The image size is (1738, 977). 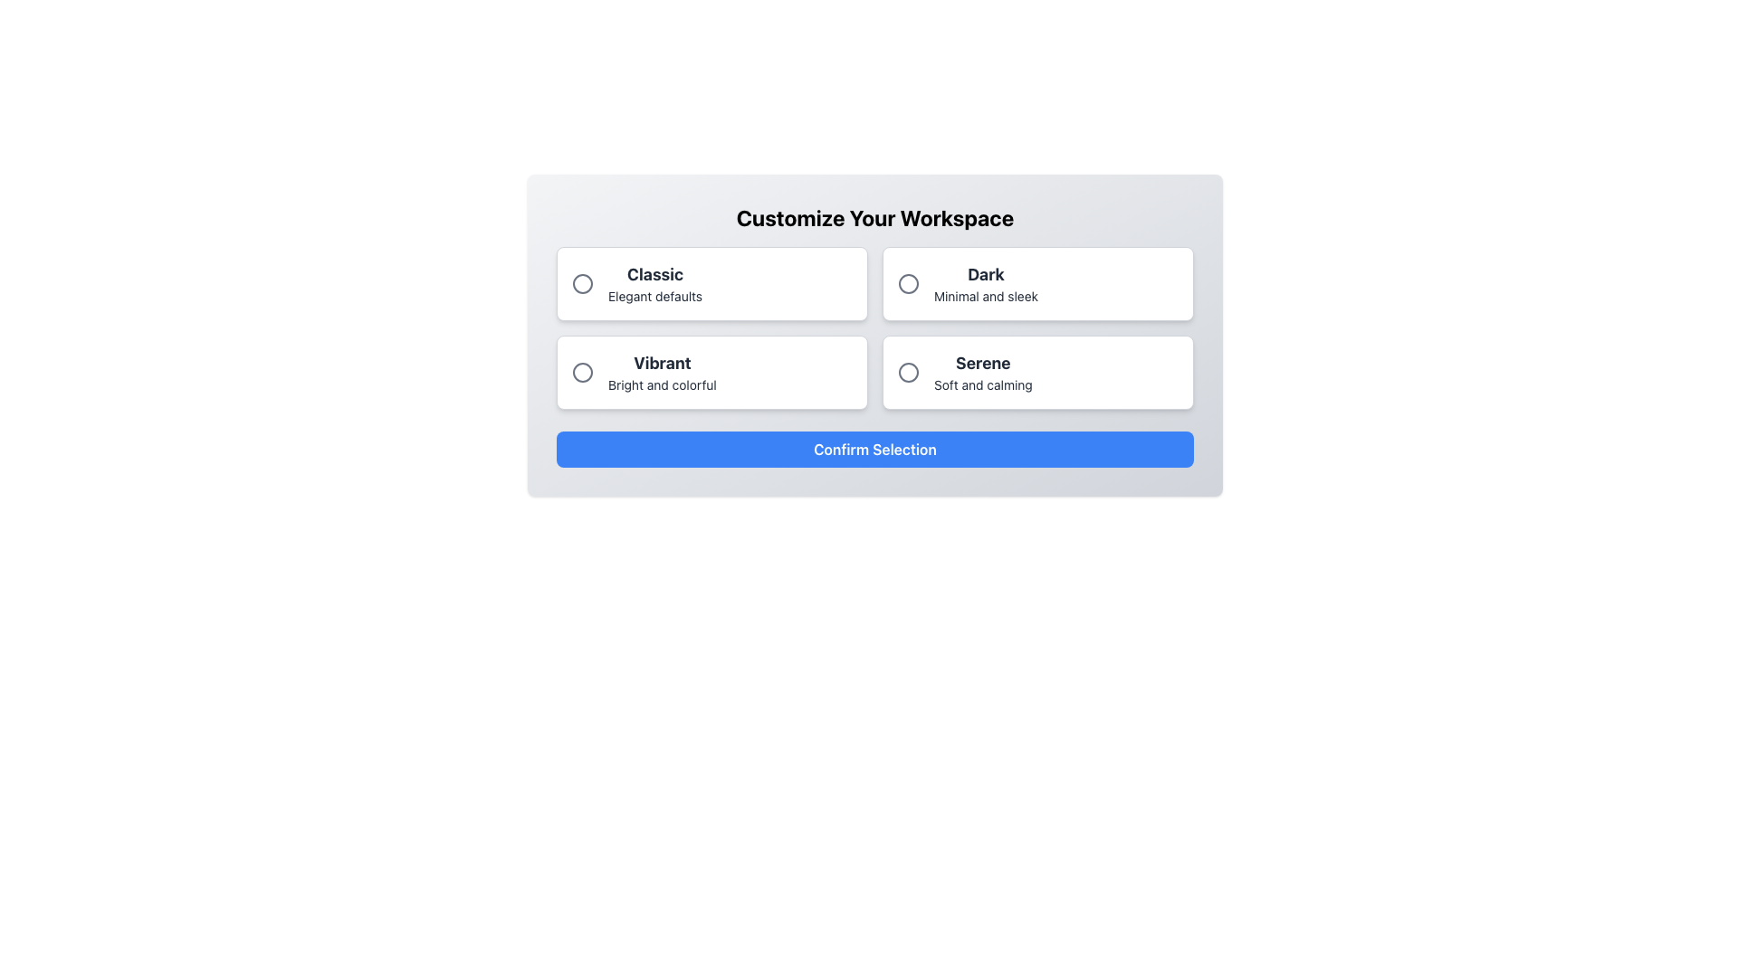 What do you see at coordinates (582, 372) in the screenshot?
I see `the circle graphic element within the 'Vibrant' option to interact with the selection` at bounding box center [582, 372].